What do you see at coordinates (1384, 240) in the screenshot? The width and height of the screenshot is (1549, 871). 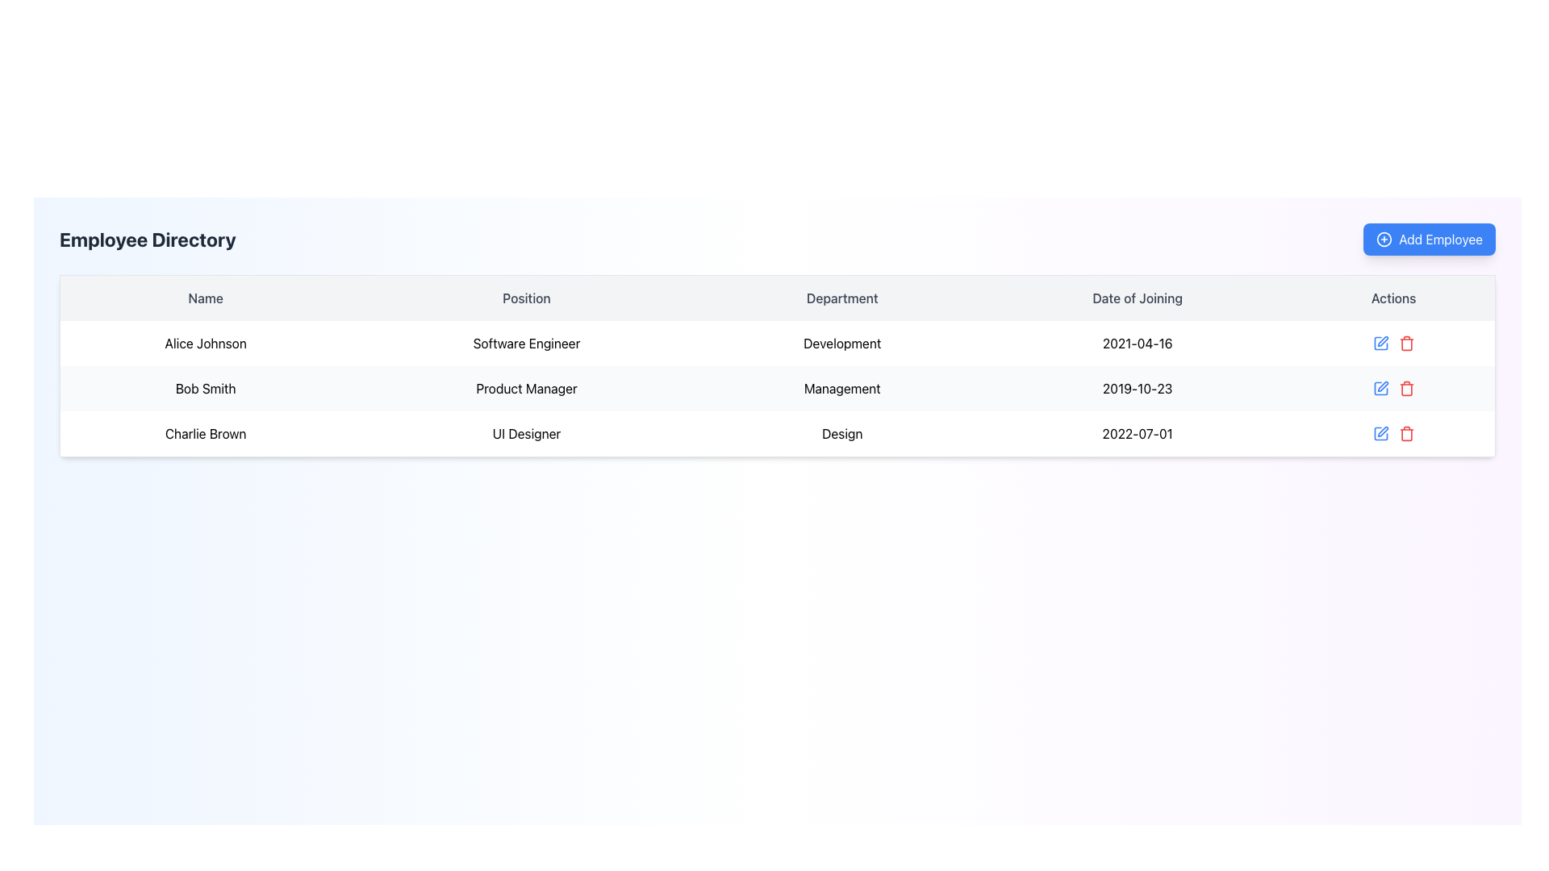 I see `the icon within the blue 'Add Employee' button located at the top-right corner of the interface to initiate the action of adding a new employee` at bounding box center [1384, 240].